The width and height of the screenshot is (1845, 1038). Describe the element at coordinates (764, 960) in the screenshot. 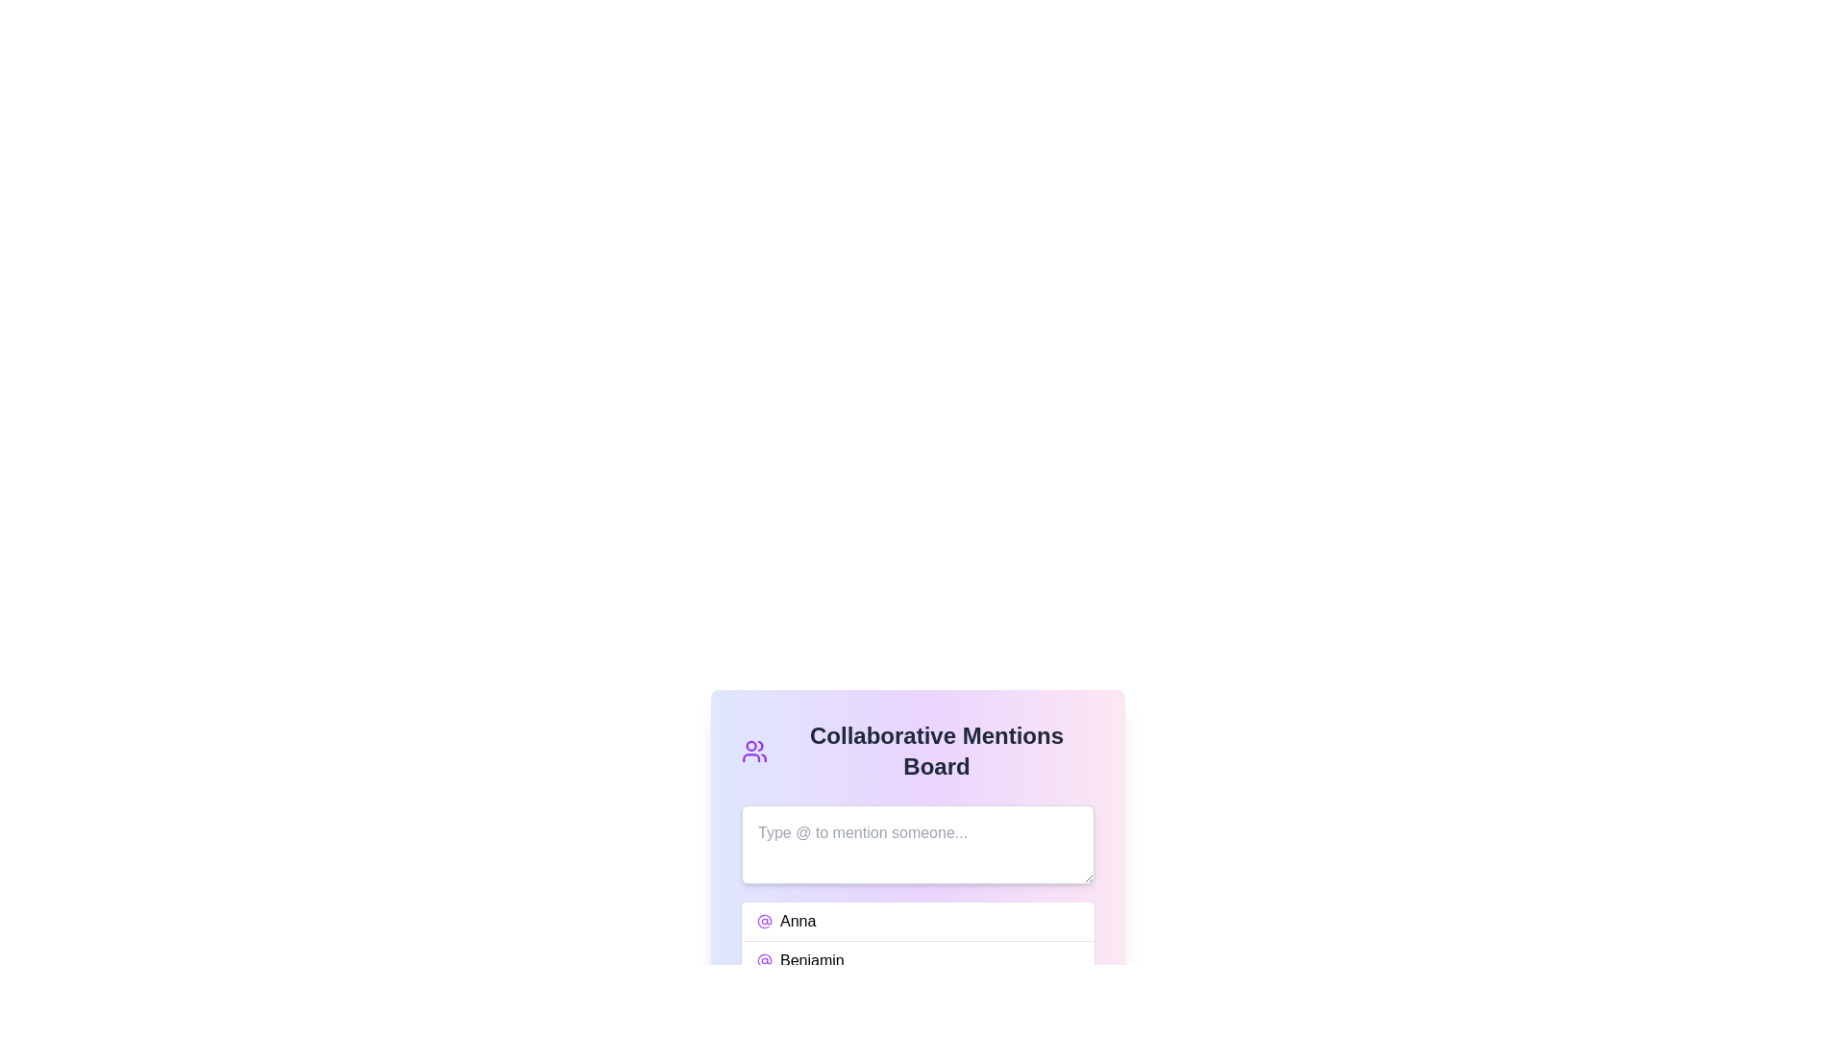

I see `the circular '@' icon with a purple hue located to the left of the text 'Benjamin' in the selectable list item` at that location.